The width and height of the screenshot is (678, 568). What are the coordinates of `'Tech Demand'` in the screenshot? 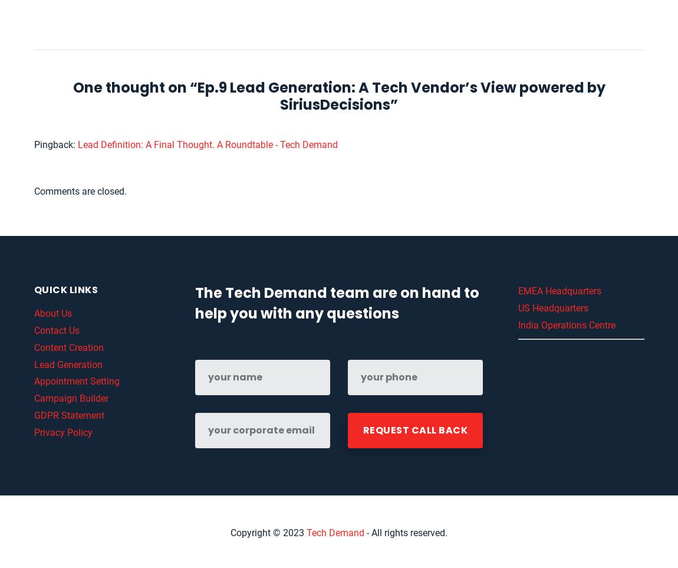 It's located at (335, 531).